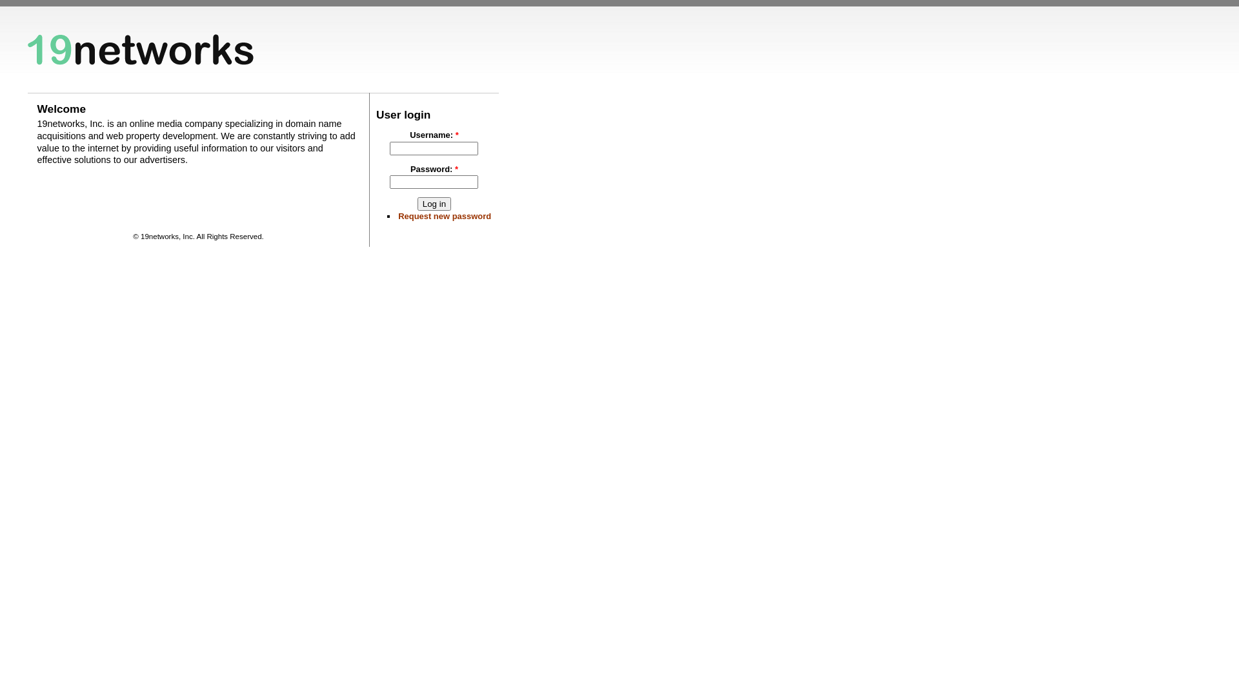 This screenshot has height=696, width=1239. What do you see at coordinates (434, 203) in the screenshot?
I see `'Log in'` at bounding box center [434, 203].